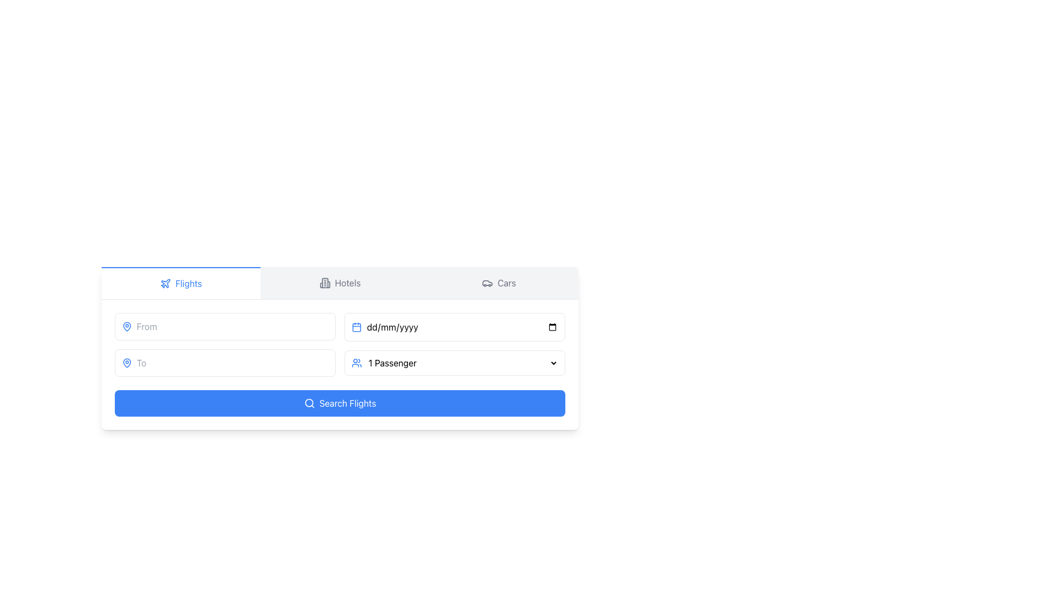 Image resolution: width=1060 pixels, height=596 pixels. What do you see at coordinates (324, 283) in the screenshot?
I see `the 'Hotels' icon in the application menu to visually identify the section` at bounding box center [324, 283].